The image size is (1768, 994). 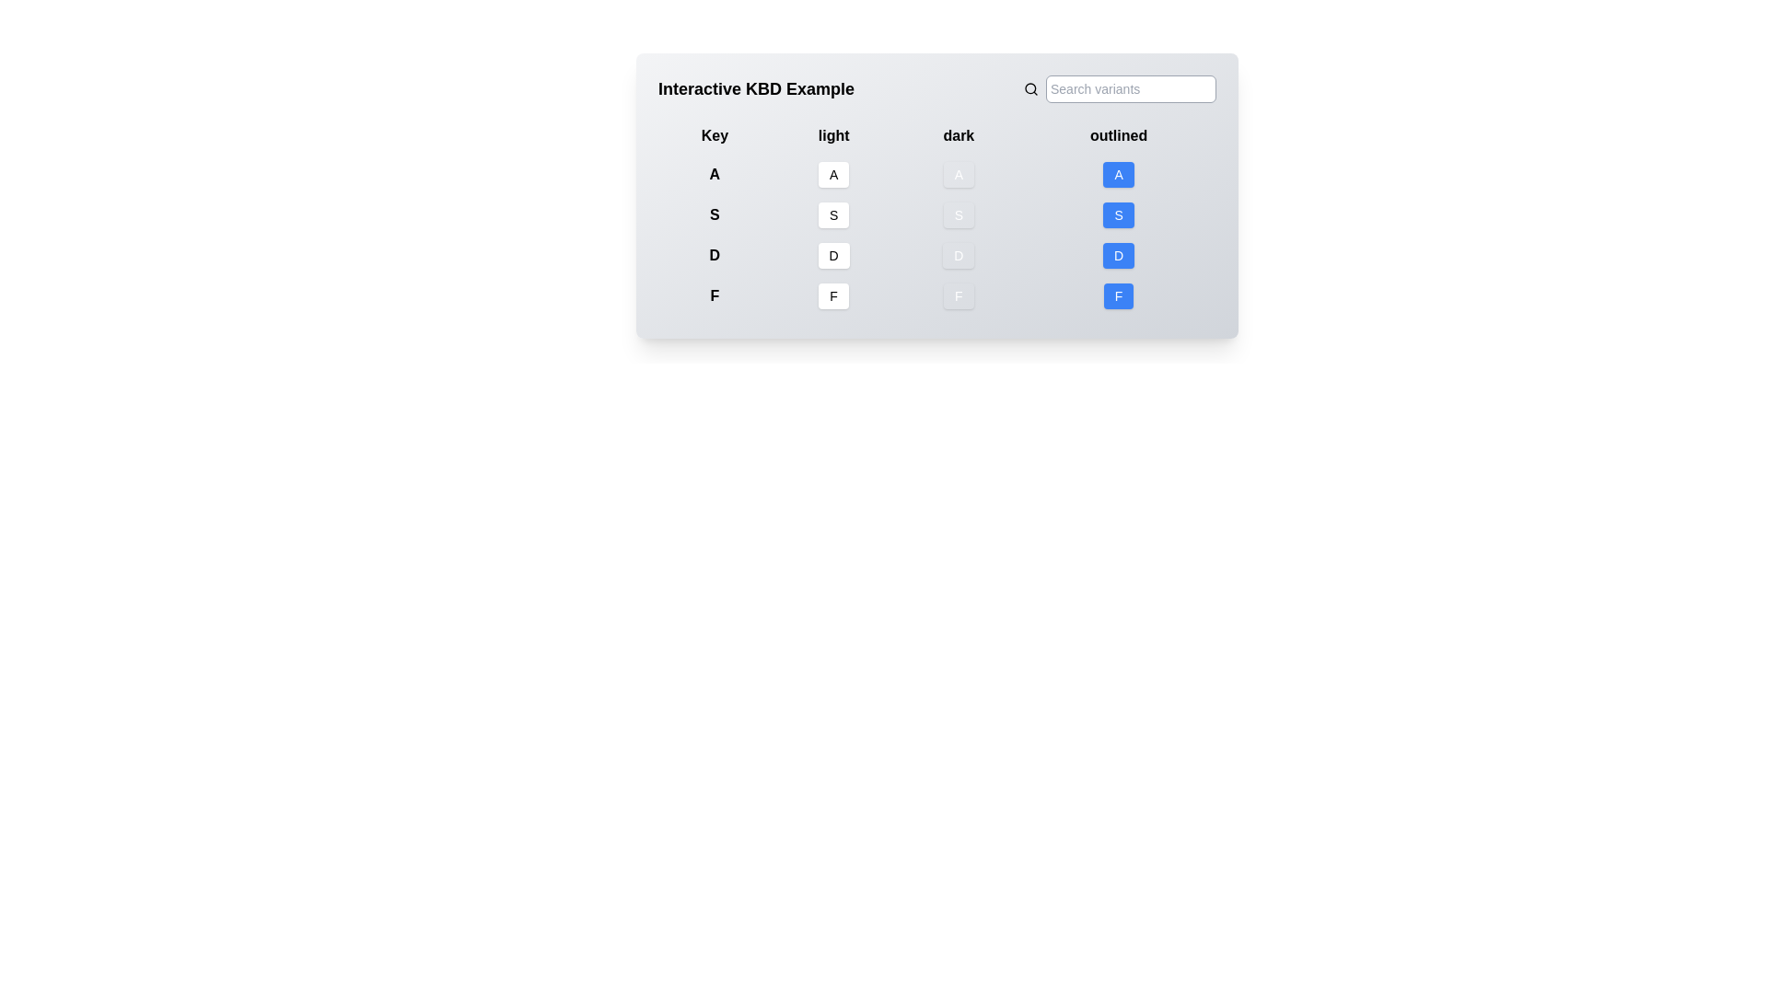 I want to click on the small blue button with a white capital 'S', so click(x=1118, y=214).